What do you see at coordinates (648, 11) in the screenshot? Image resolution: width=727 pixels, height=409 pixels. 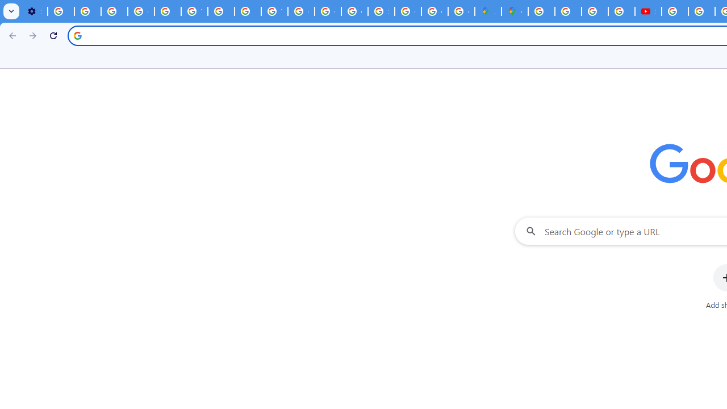 I see `'Subscriptions - YouTube'` at bounding box center [648, 11].